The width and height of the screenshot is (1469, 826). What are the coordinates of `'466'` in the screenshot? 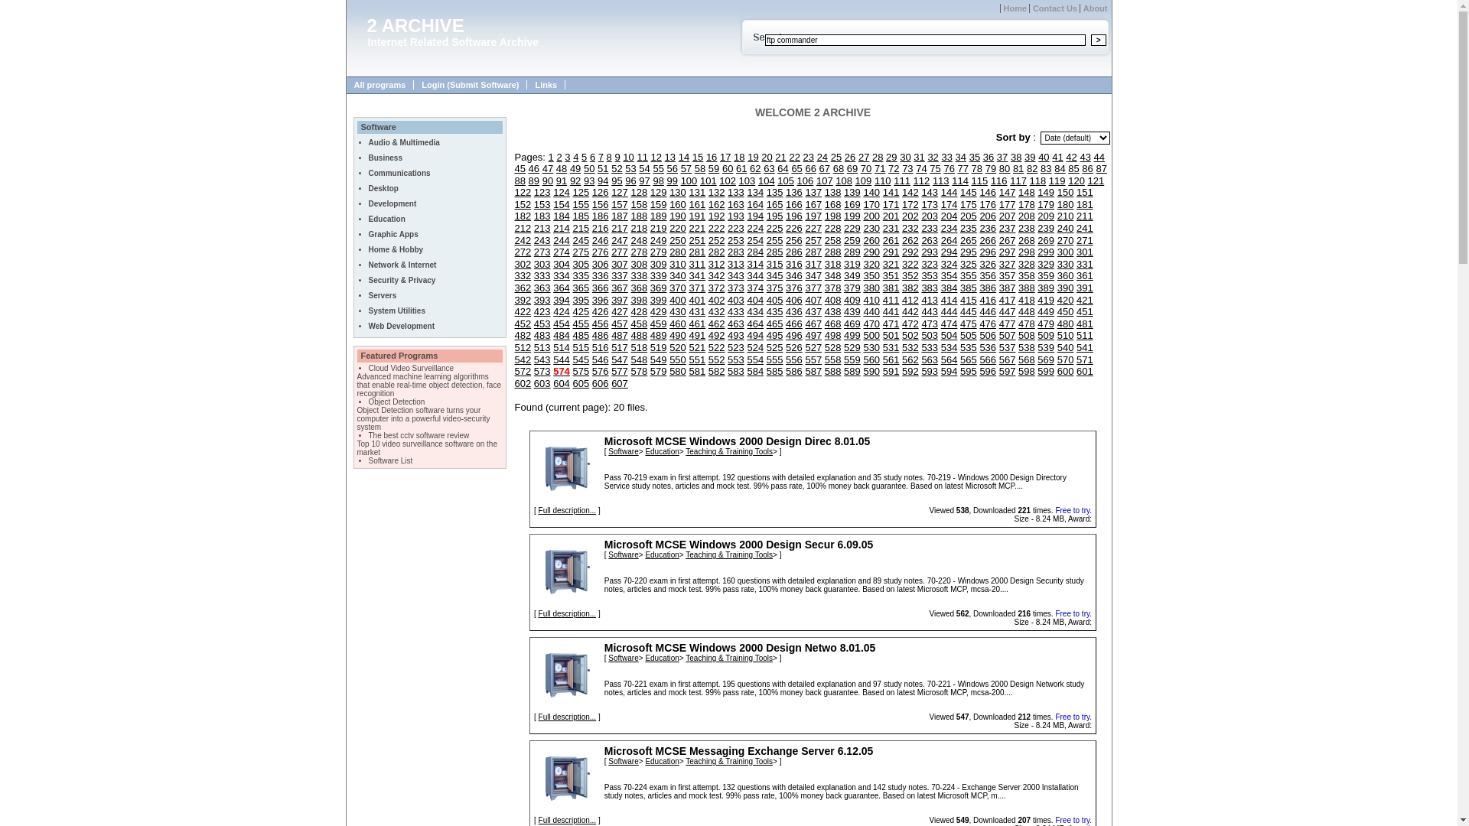 It's located at (793, 323).